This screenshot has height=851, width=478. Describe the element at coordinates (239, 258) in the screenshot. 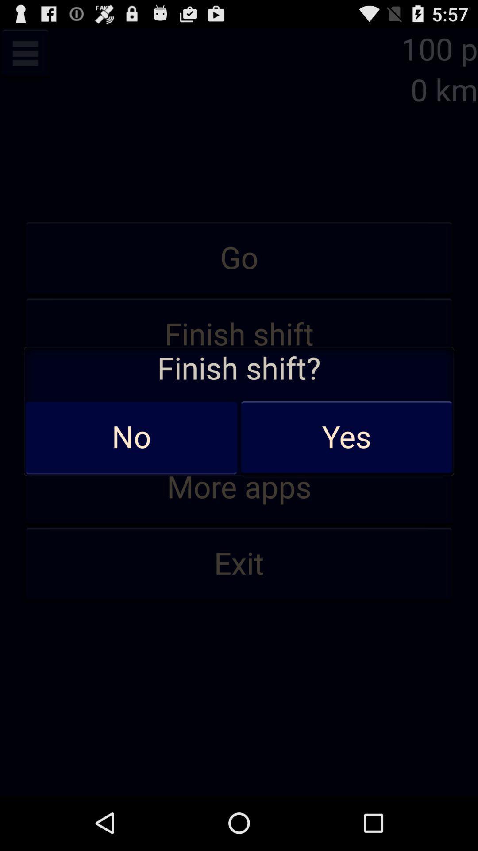

I see `icon above finish shift` at that location.